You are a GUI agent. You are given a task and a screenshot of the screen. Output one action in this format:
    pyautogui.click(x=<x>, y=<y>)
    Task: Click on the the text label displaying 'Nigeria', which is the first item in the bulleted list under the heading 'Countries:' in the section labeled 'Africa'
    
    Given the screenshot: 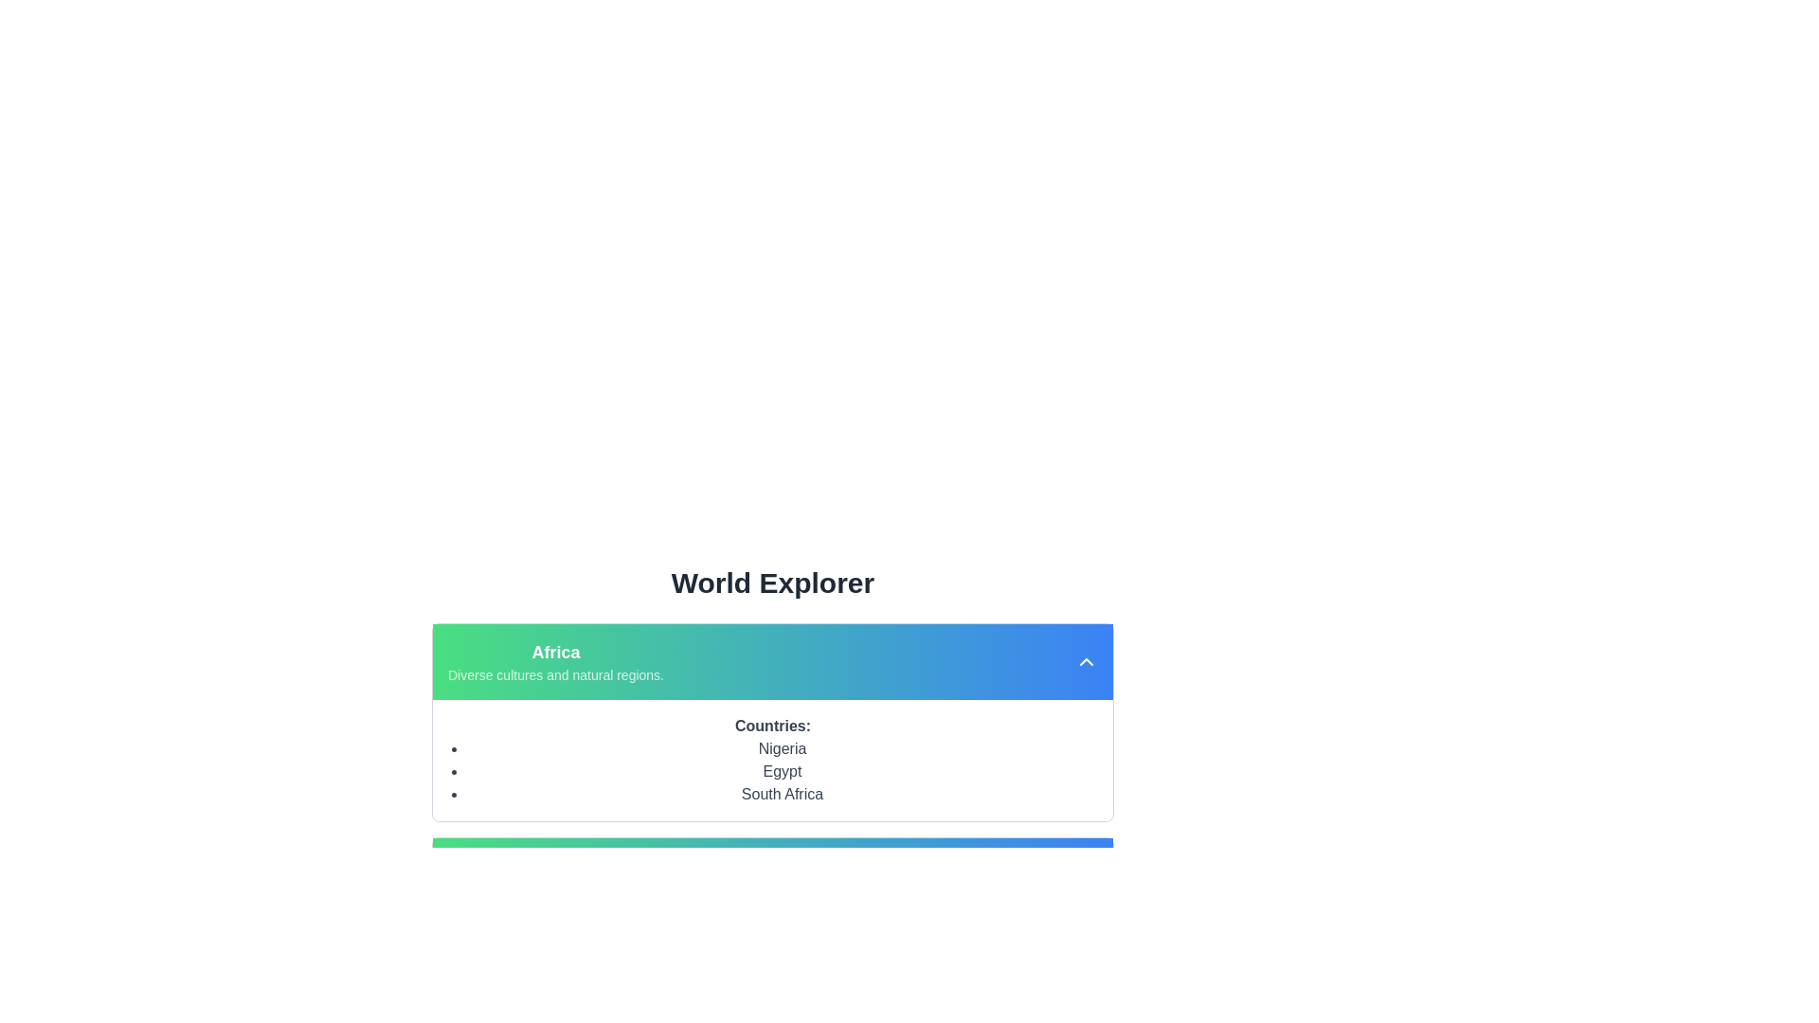 What is the action you would take?
    pyautogui.click(x=782, y=747)
    